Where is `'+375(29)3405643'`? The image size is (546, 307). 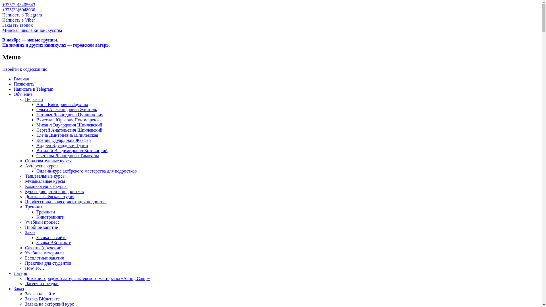
'+375(29)3405643' is located at coordinates (19, 5).